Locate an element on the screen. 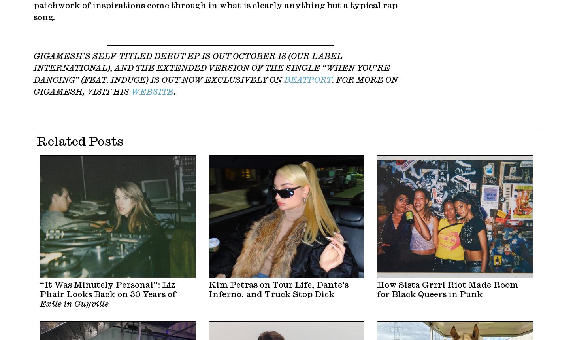 The height and width of the screenshot is (340, 573). 'WEBSITE' is located at coordinates (131, 92).